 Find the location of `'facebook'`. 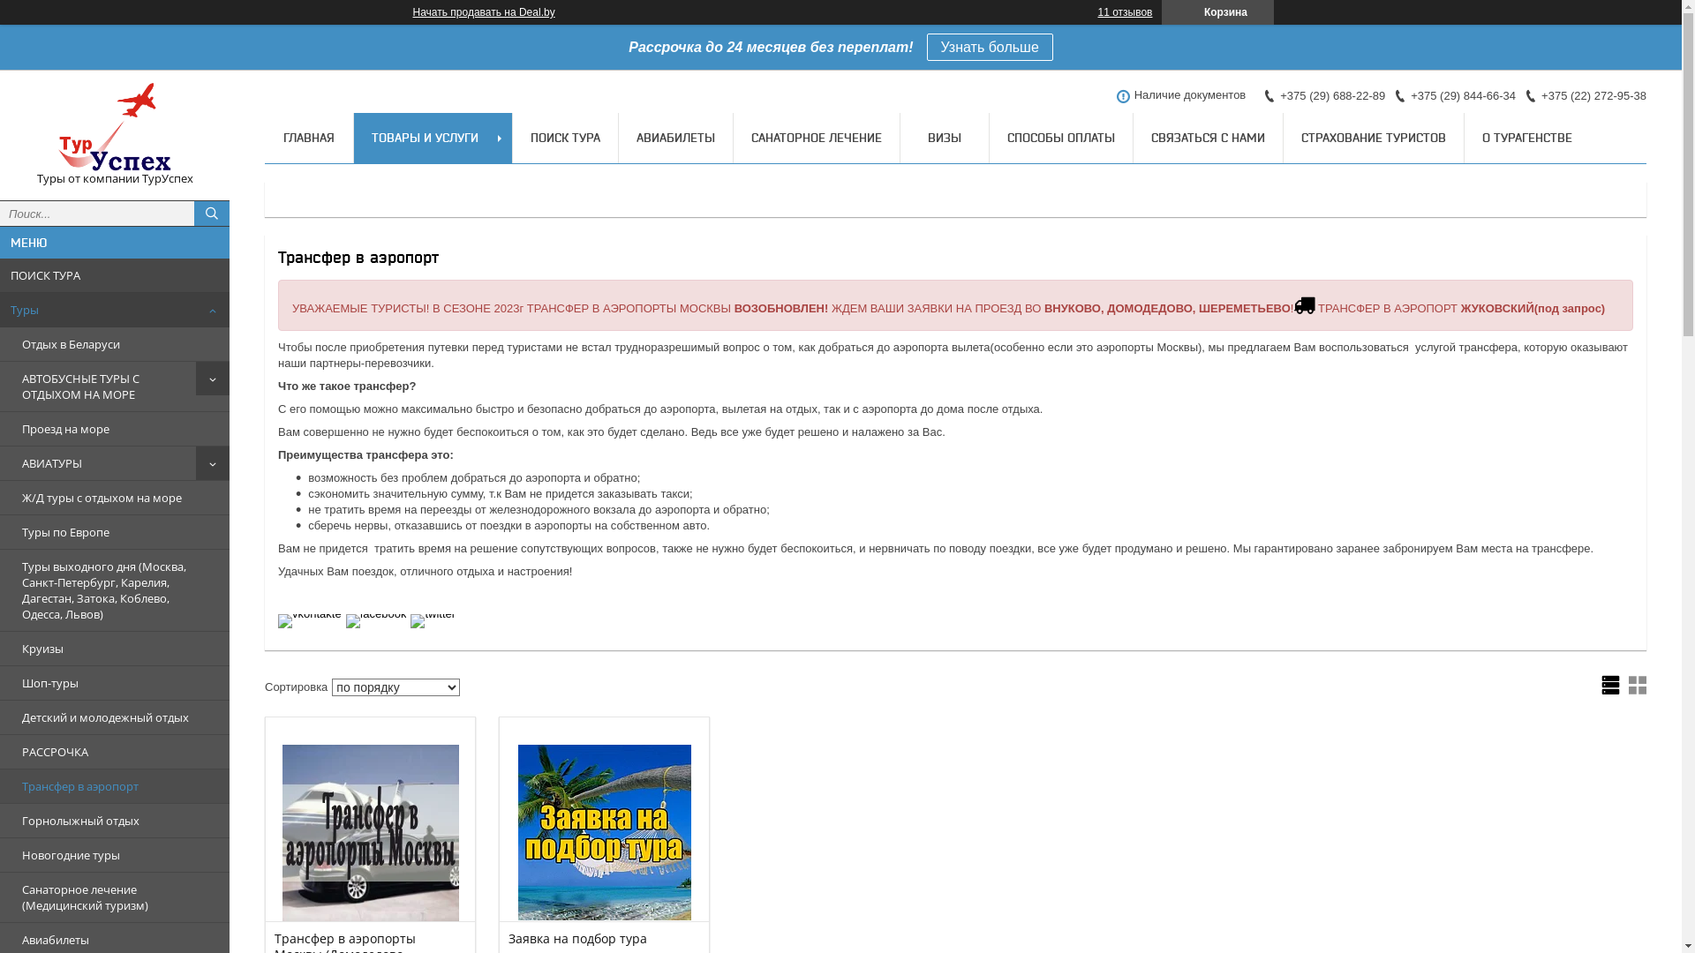

'facebook' is located at coordinates (375, 612).